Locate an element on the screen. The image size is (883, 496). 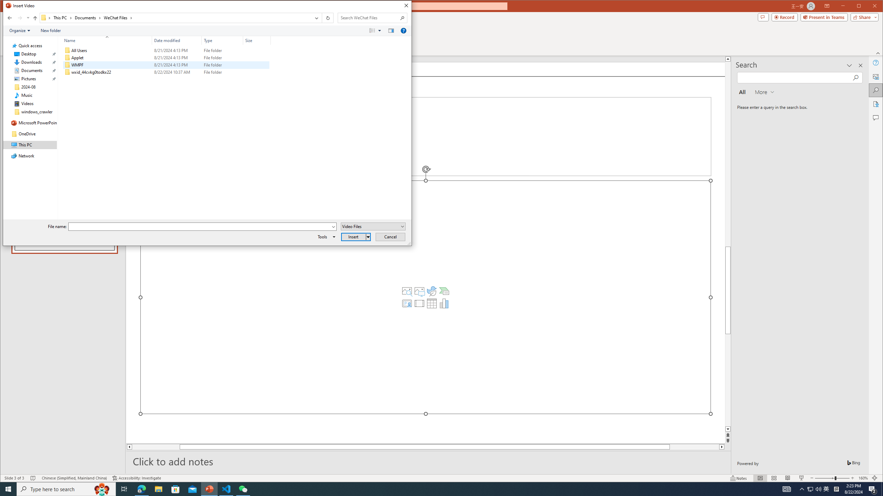
'Views' is located at coordinates (377, 30).